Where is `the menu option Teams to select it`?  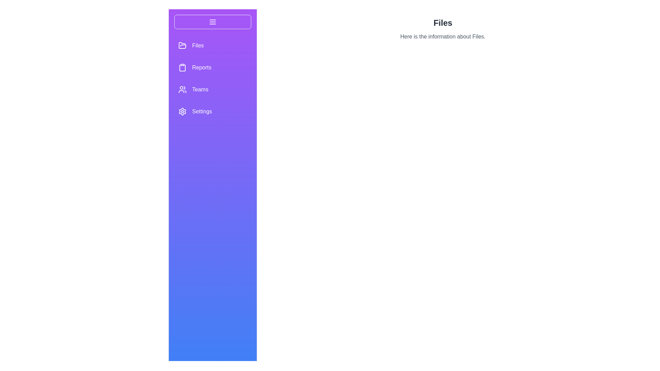
the menu option Teams to select it is located at coordinates (183, 89).